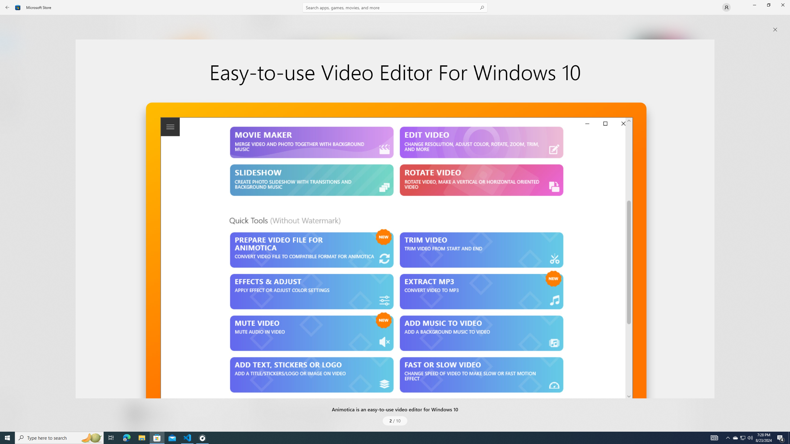  What do you see at coordinates (775, 29) in the screenshot?
I see `'close popup window'` at bounding box center [775, 29].